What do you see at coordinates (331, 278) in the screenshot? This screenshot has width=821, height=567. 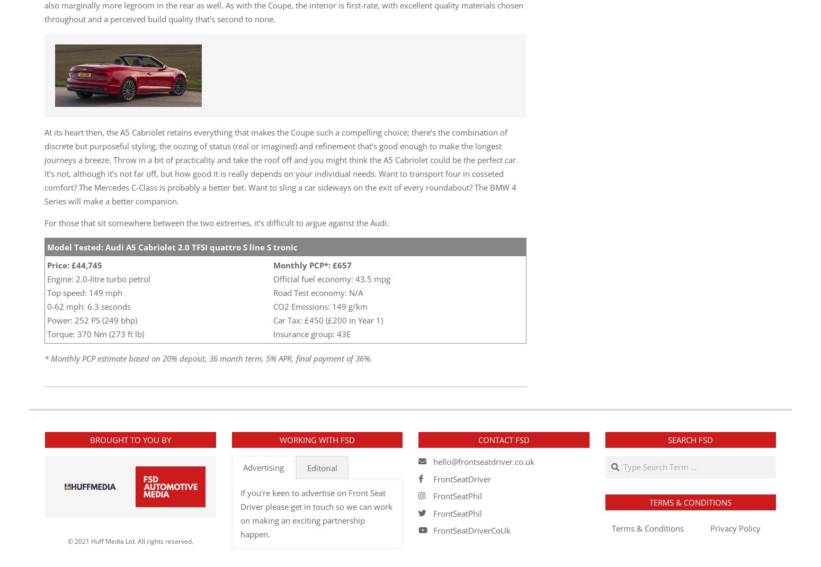 I see `'Official fuel economy: 43.5 mpg'` at bounding box center [331, 278].